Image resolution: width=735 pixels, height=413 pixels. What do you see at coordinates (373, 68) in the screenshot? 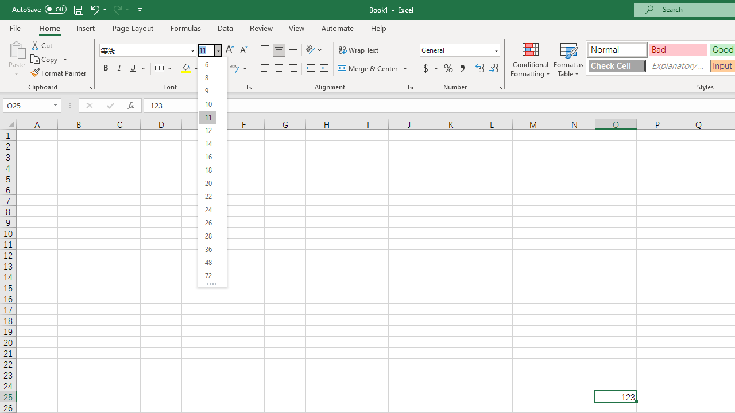
I see `'Merge & Center'` at bounding box center [373, 68].